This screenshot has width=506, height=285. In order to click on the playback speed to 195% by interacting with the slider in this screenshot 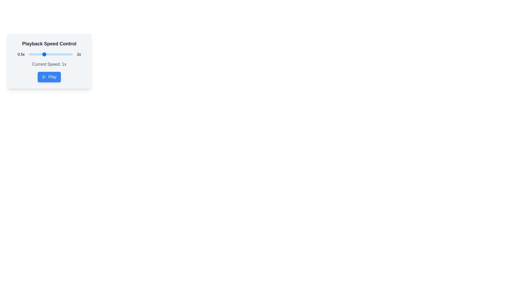, I will do `click(71, 54)`.